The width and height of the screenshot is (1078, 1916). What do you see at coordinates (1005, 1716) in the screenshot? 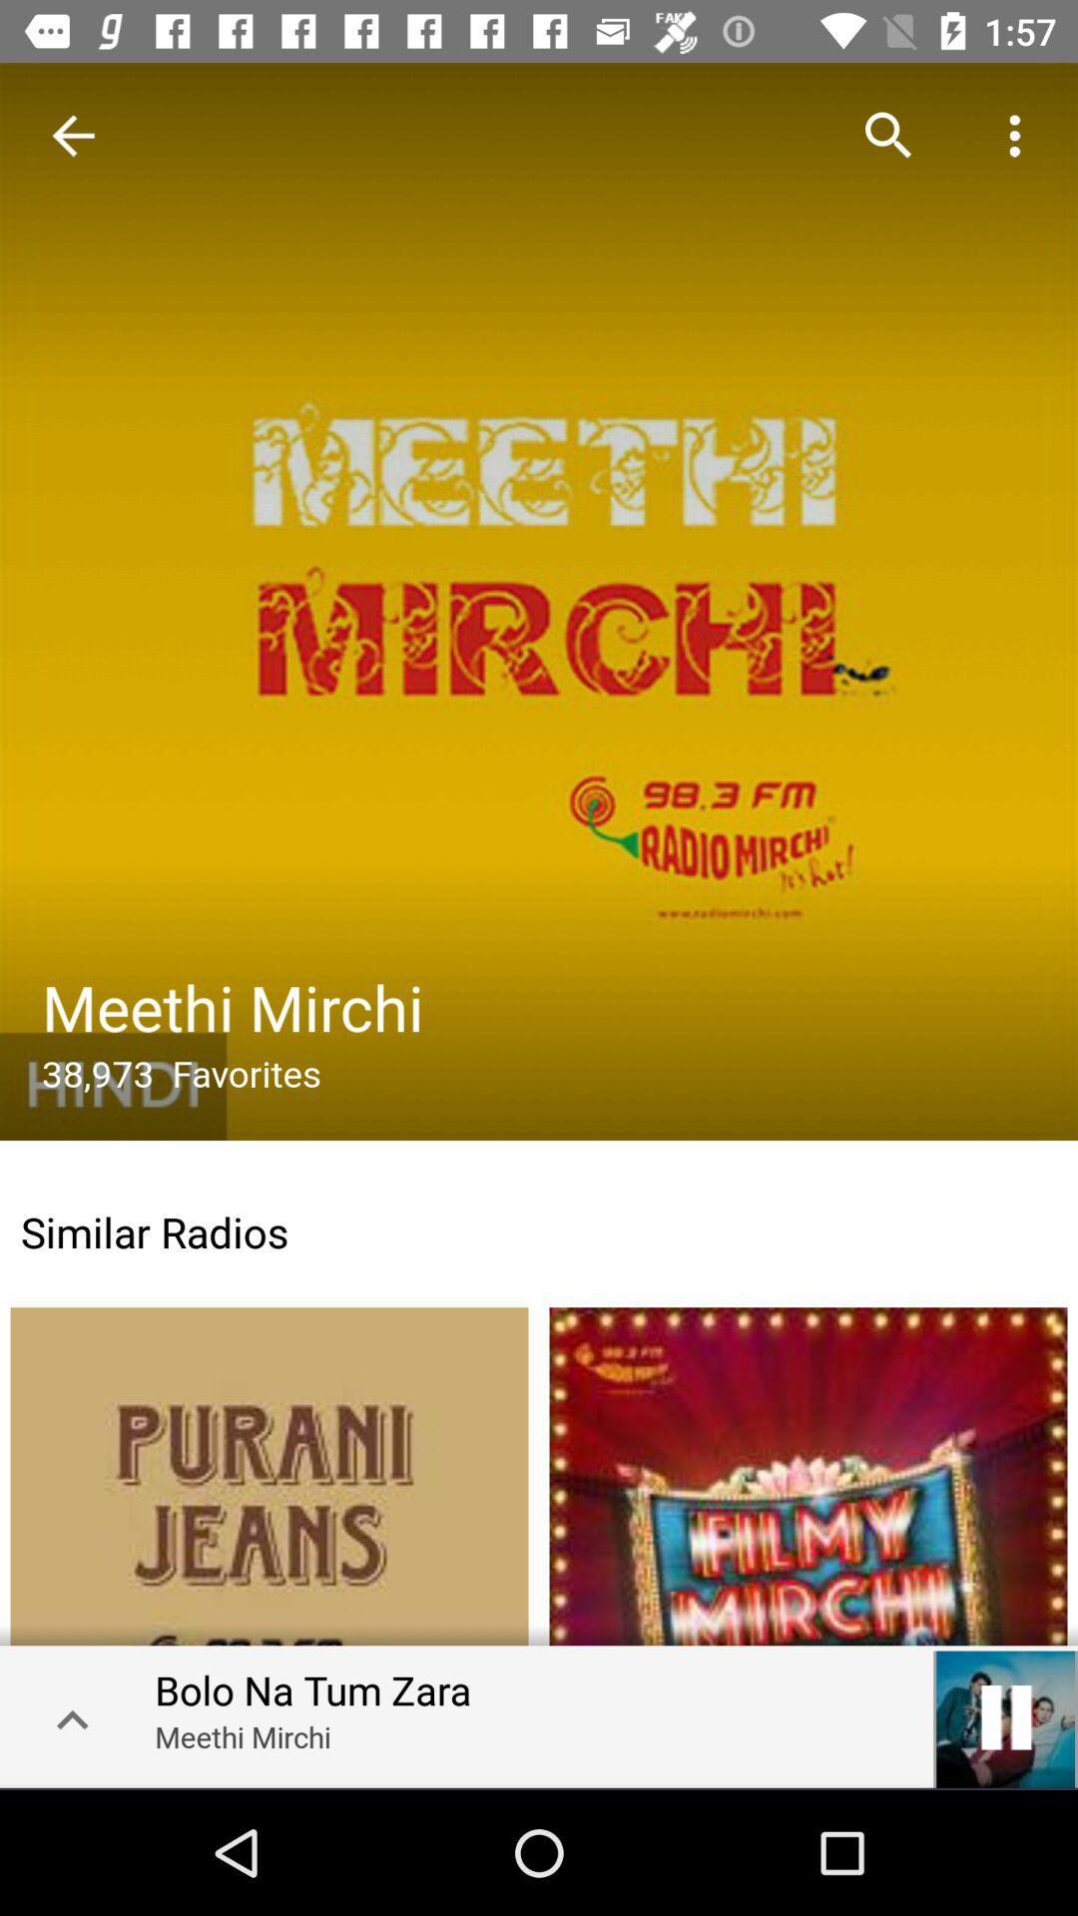
I see `the pause icon` at bounding box center [1005, 1716].